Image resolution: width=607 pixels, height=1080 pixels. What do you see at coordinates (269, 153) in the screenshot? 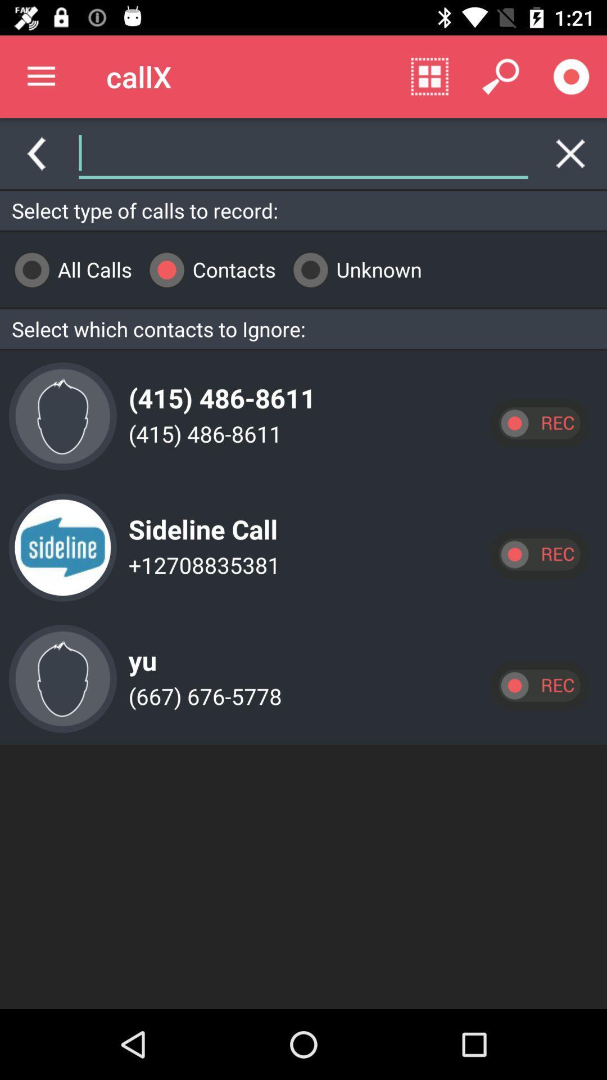
I see `the icon above select type of item` at bounding box center [269, 153].